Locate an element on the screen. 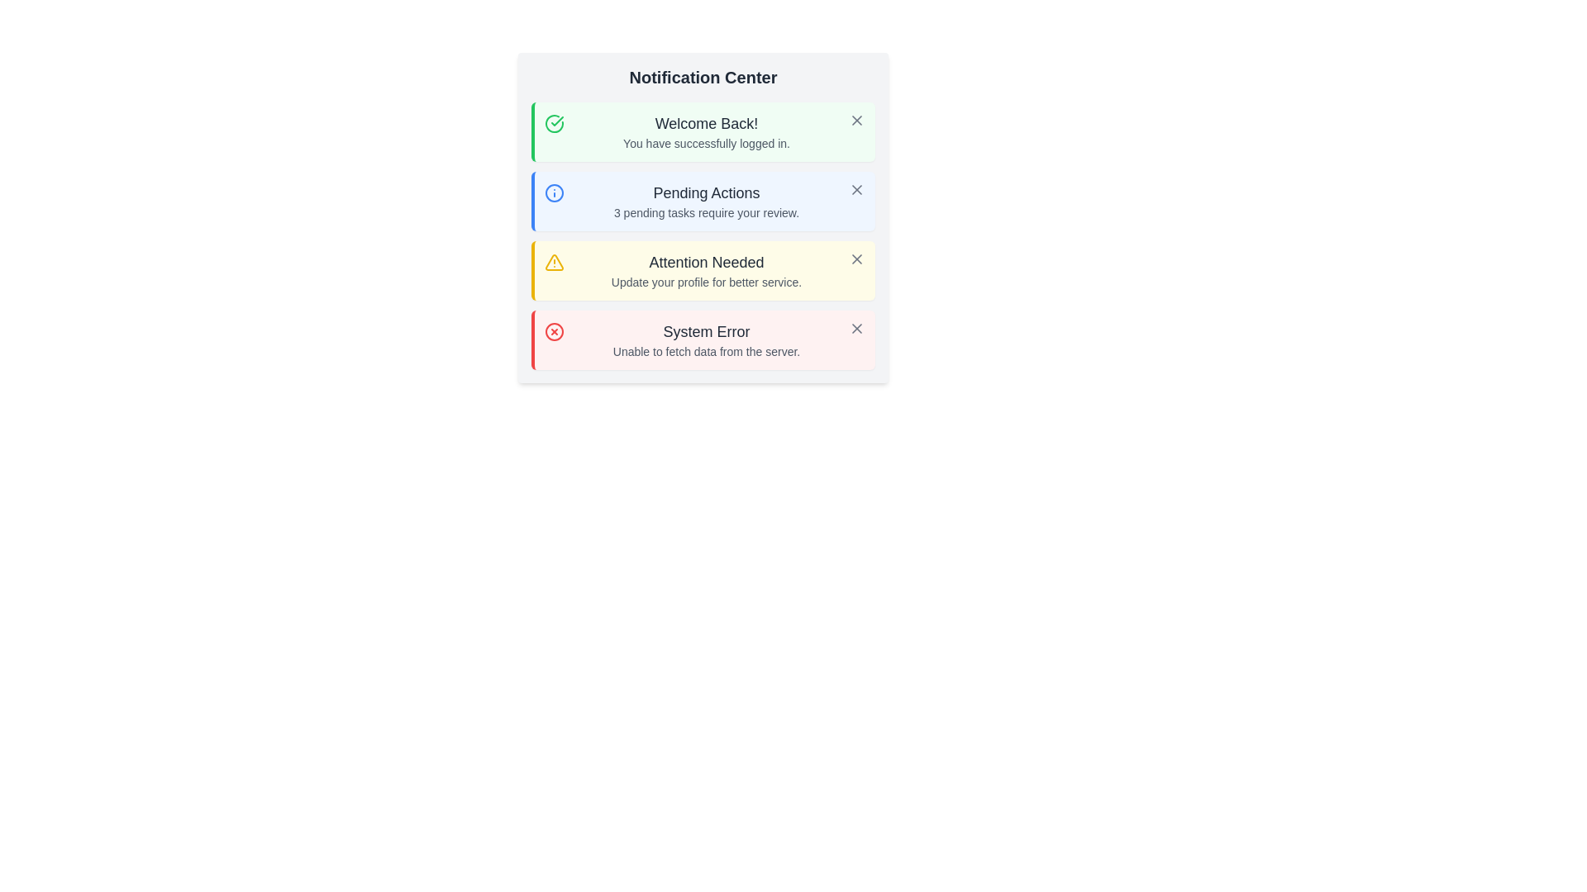 The height and width of the screenshot is (892, 1587). the checkmark icon within the first notification item in the Notification Center, which indicates the approval or confirmation status of the notification is located at coordinates (557, 120).